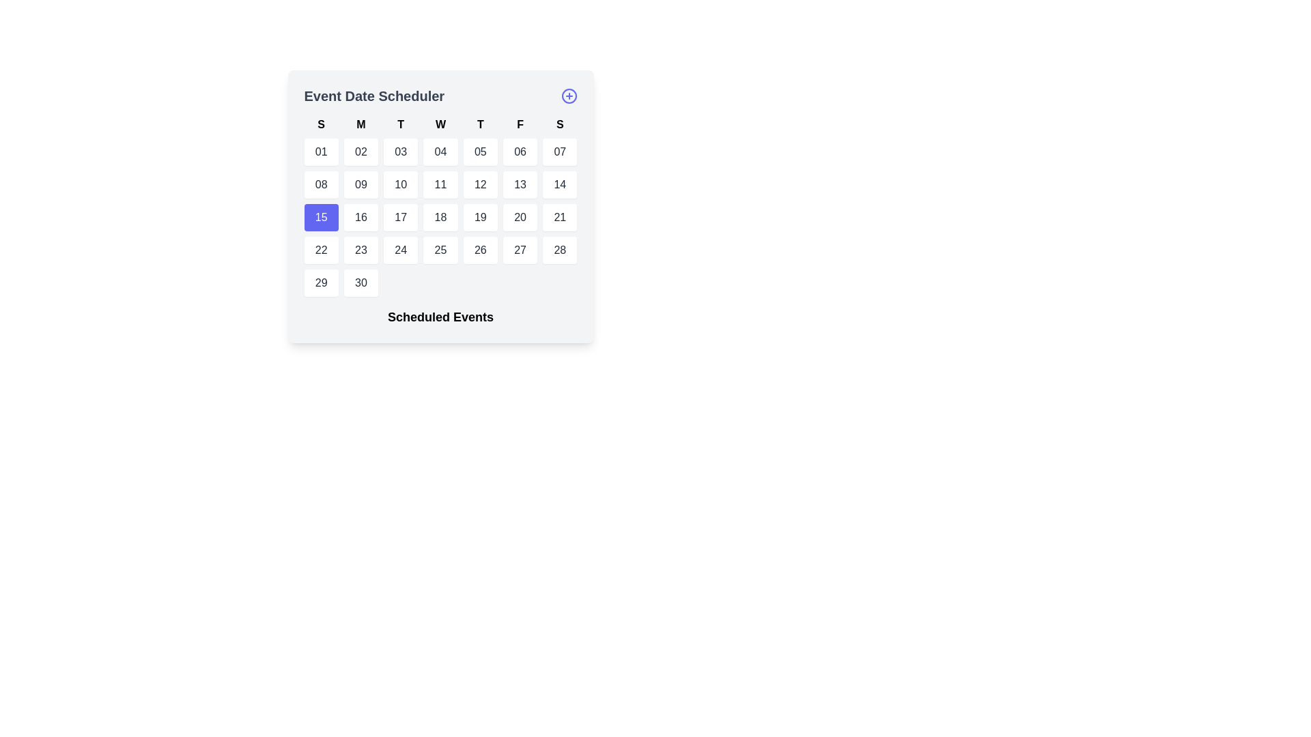 The width and height of the screenshot is (1311, 737). Describe the element at coordinates (361, 217) in the screenshot. I see `the interactive date box displaying the number '16' in dark gray text` at that location.